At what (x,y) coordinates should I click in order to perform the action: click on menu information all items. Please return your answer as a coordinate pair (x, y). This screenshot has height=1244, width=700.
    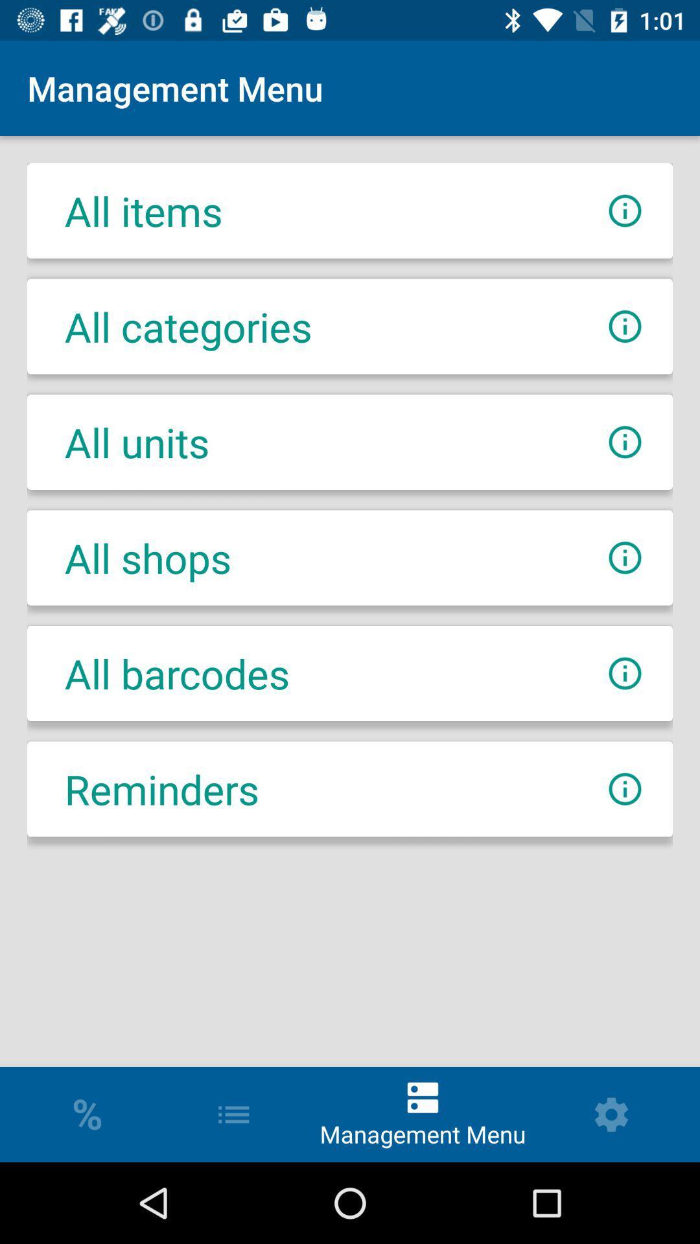
    Looking at the image, I should click on (624, 211).